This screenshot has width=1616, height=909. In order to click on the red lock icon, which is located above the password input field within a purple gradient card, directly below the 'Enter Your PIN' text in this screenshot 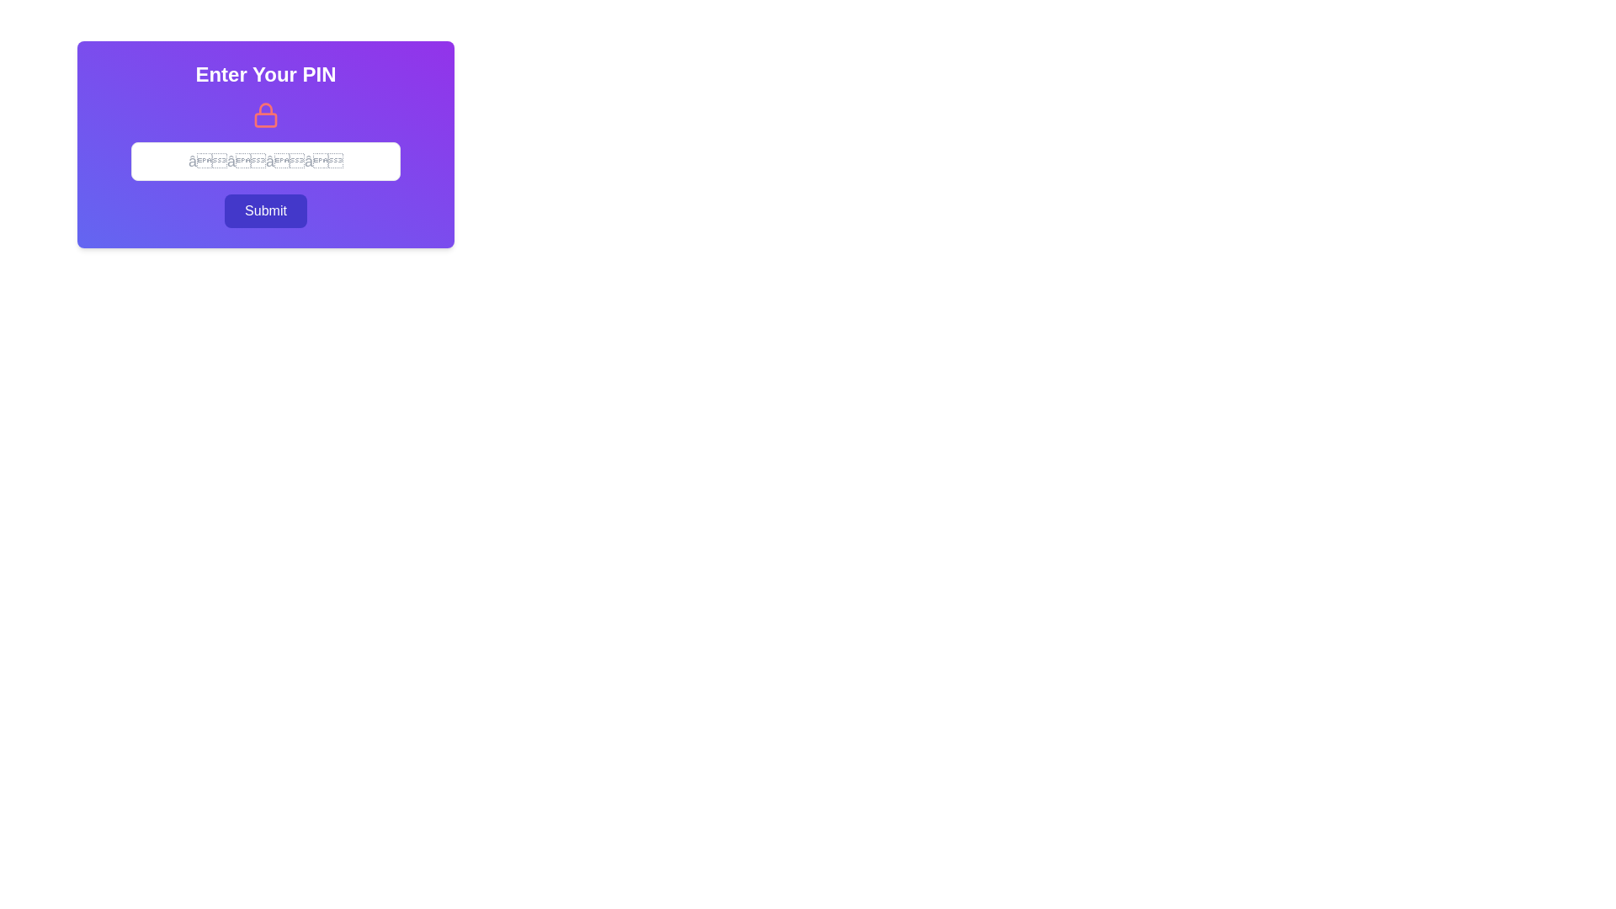, I will do `click(265, 114)`.